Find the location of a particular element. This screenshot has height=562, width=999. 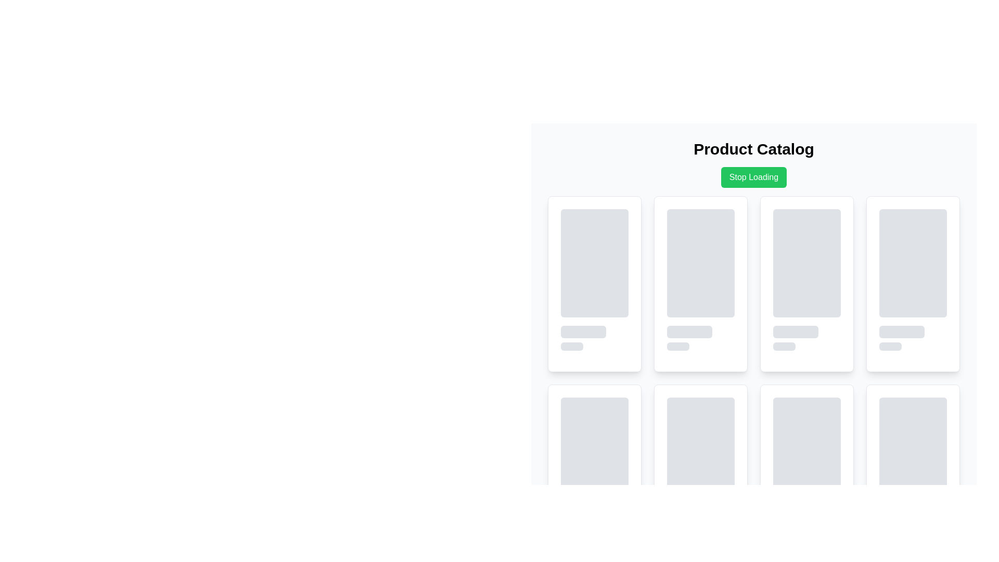

the possible link or button within the sixth card placeholder located on the far right of the second row in the grid layout is located at coordinates (913, 472).